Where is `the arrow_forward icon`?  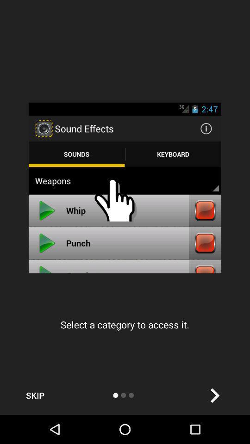 the arrow_forward icon is located at coordinates (214, 395).